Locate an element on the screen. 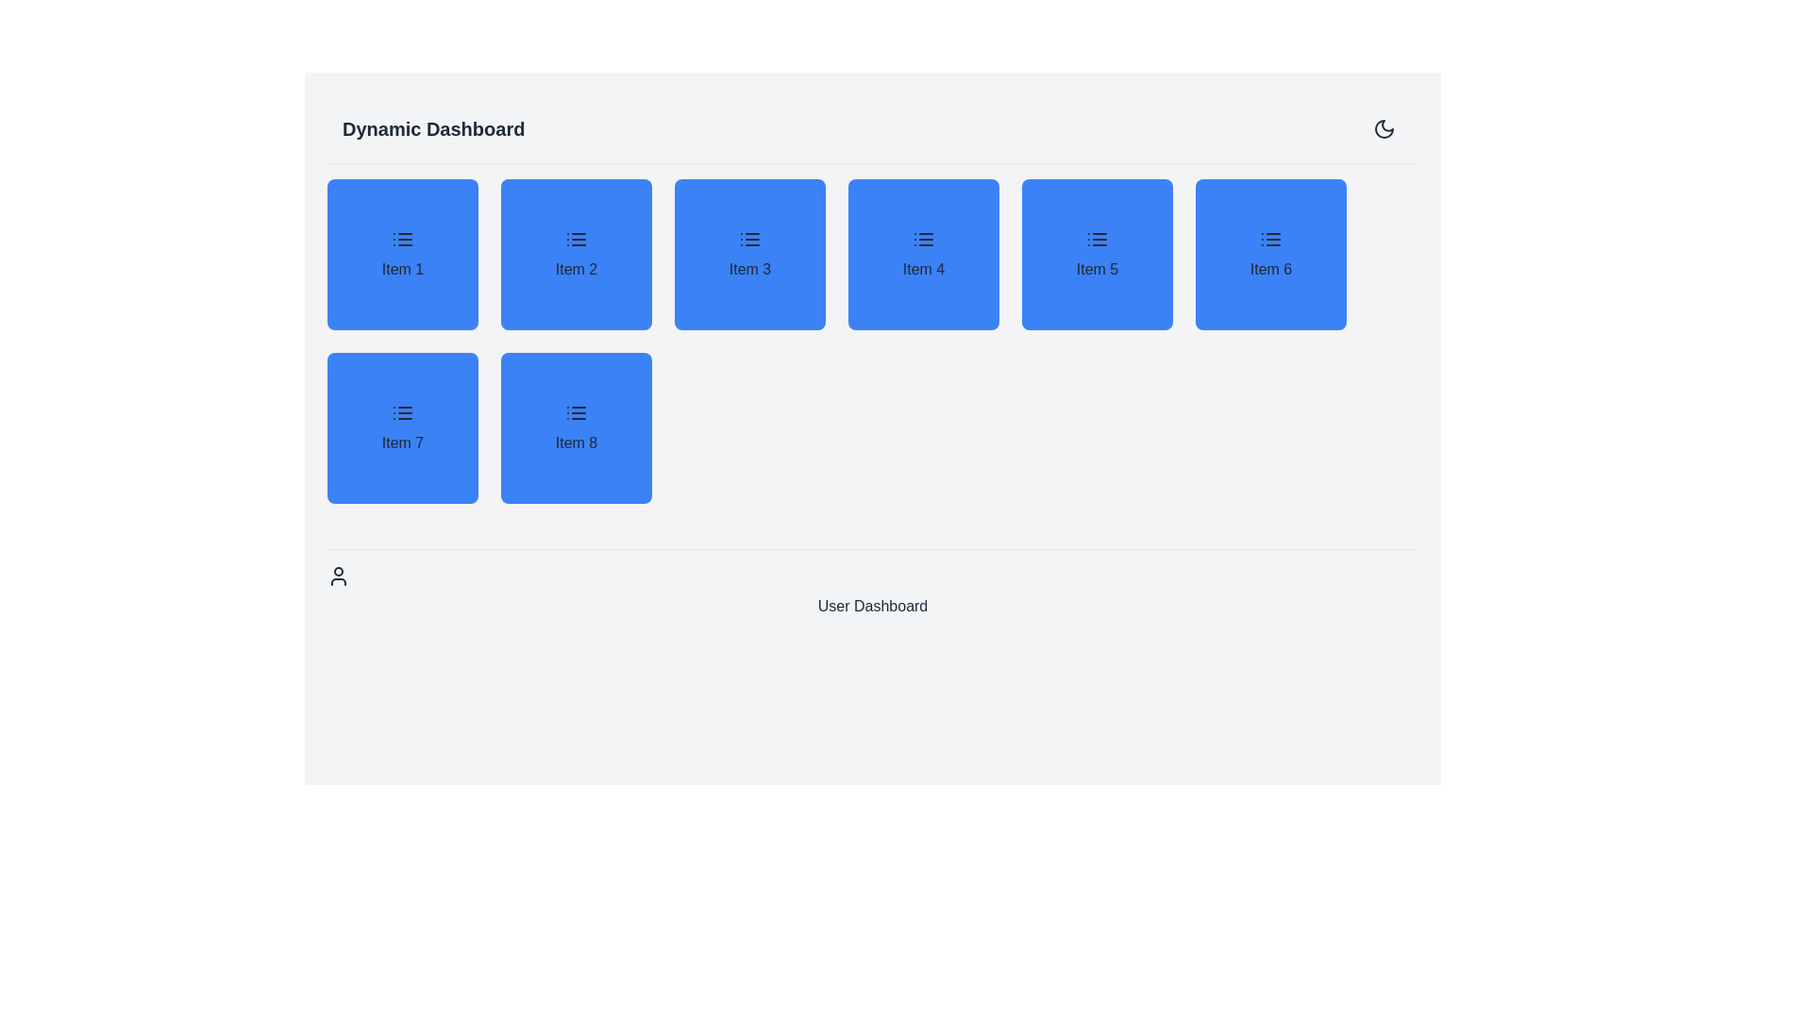  the icon button located in the top-right corner of the interface is located at coordinates (1384, 128).